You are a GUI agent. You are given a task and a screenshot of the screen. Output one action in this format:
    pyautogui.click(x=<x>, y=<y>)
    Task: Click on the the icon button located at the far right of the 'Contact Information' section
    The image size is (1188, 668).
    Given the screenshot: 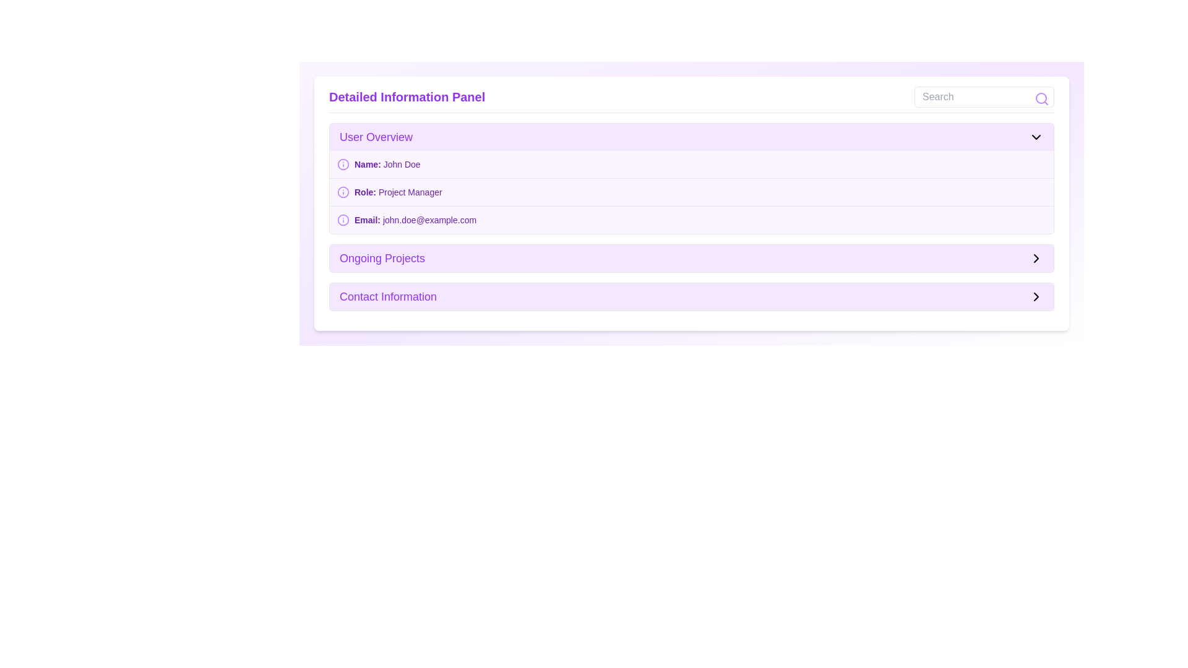 What is the action you would take?
    pyautogui.click(x=1036, y=296)
    